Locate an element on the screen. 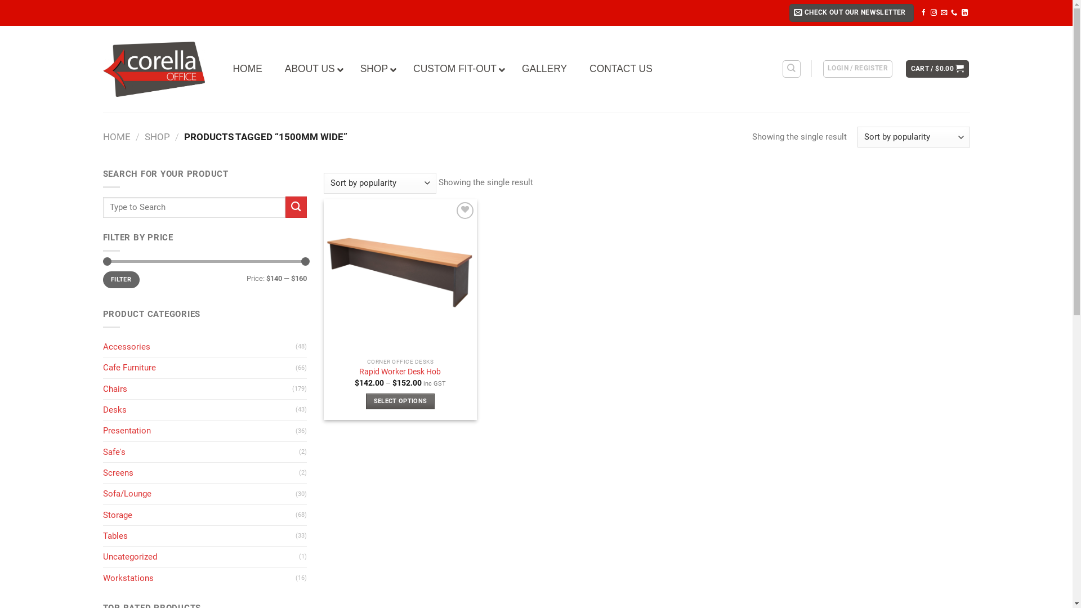 The width and height of the screenshot is (1081, 608). 'Follow on Instagram' is located at coordinates (933, 13).